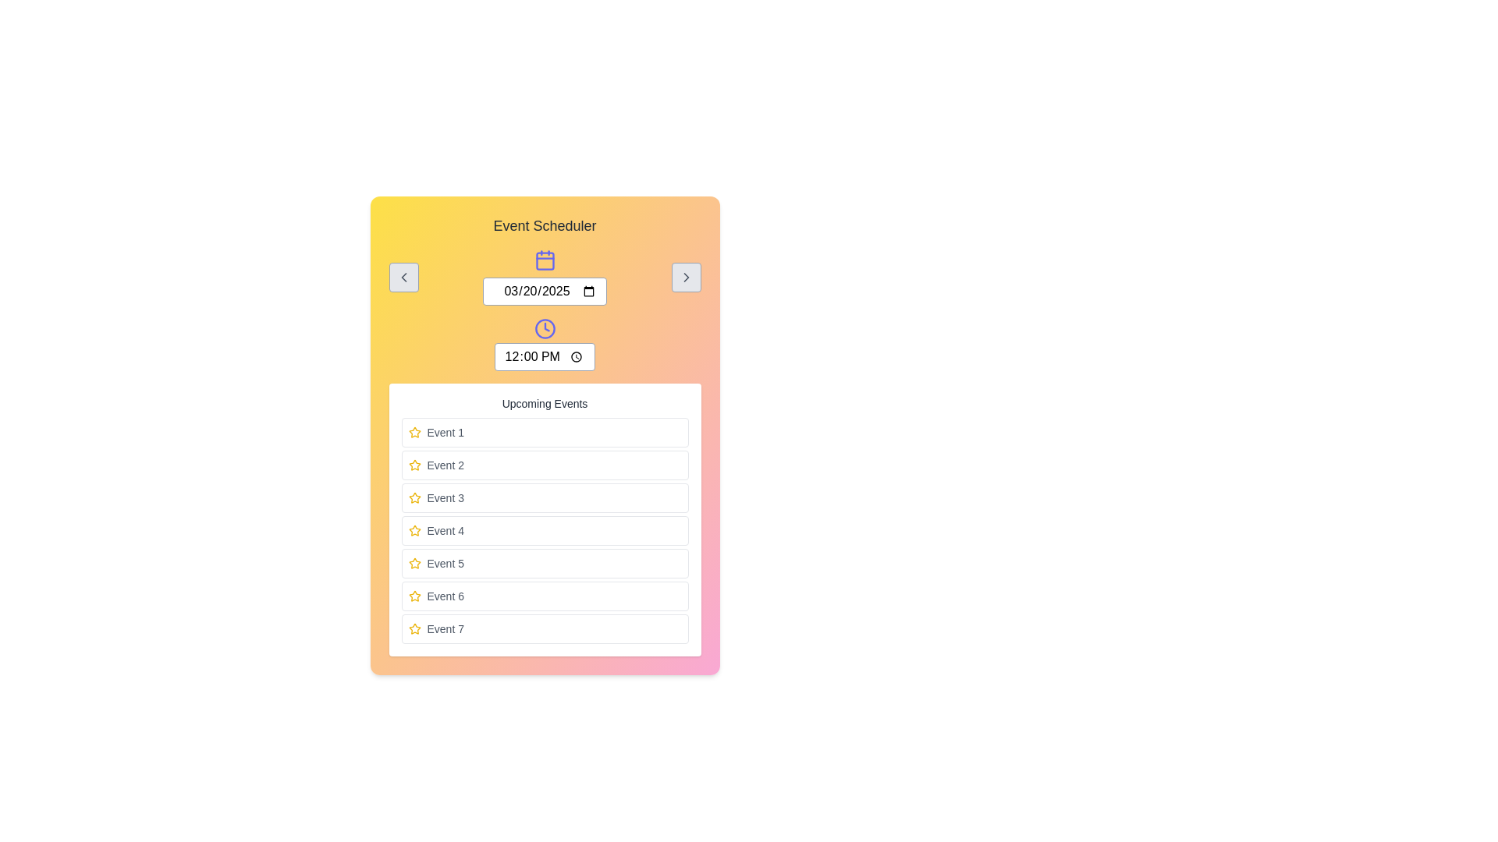 The width and height of the screenshot is (1498, 842). Describe the element at coordinates (545, 276) in the screenshot. I see `the date input field with a calendar icon, located at the center of the interface beneath the 'Event Scheduler' title` at that location.